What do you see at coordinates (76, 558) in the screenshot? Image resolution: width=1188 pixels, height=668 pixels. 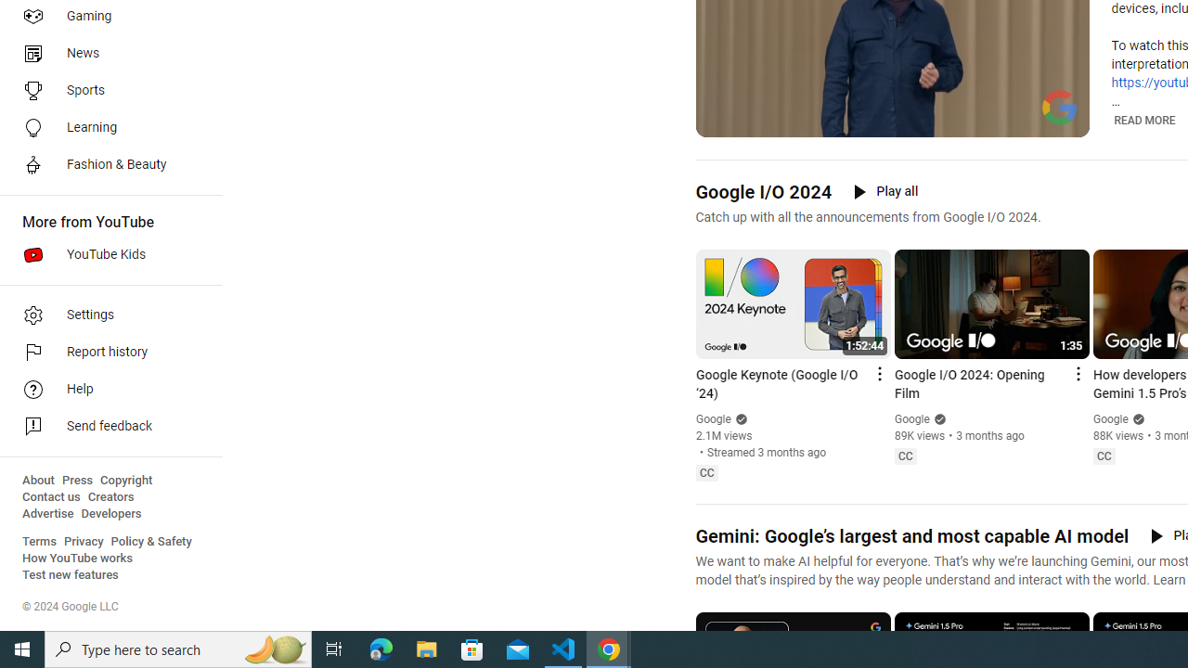 I see `'How YouTube works'` at bounding box center [76, 558].